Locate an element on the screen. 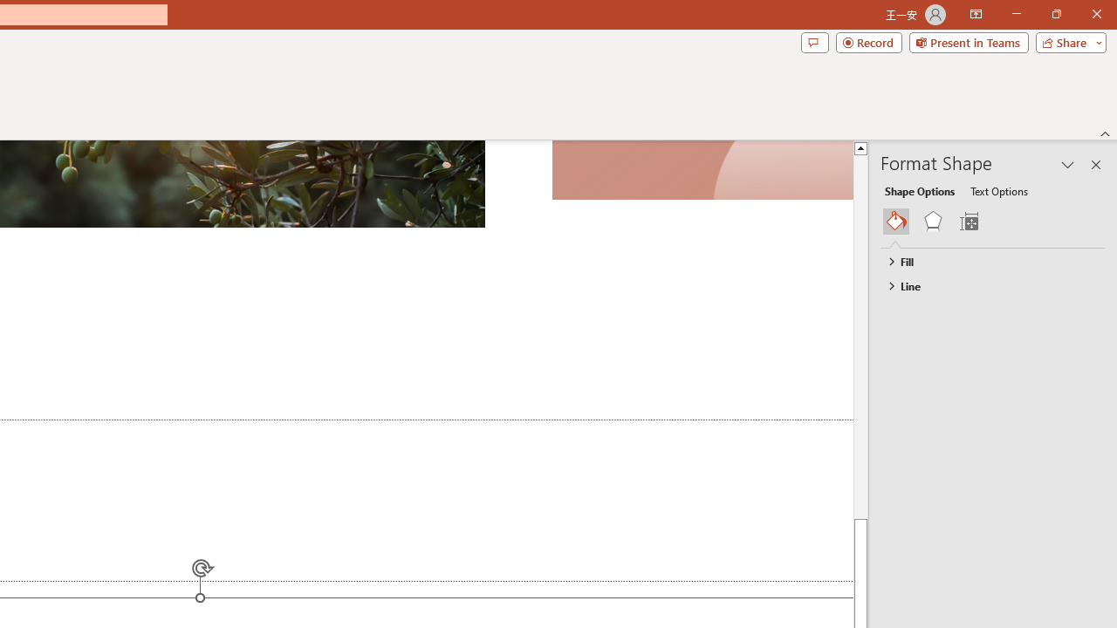  'Fill & Line' is located at coordinates (896, 221).